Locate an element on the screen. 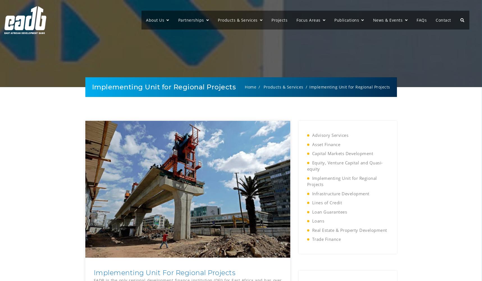  'Capital Markets Development' is located at coordinates (312, 153).